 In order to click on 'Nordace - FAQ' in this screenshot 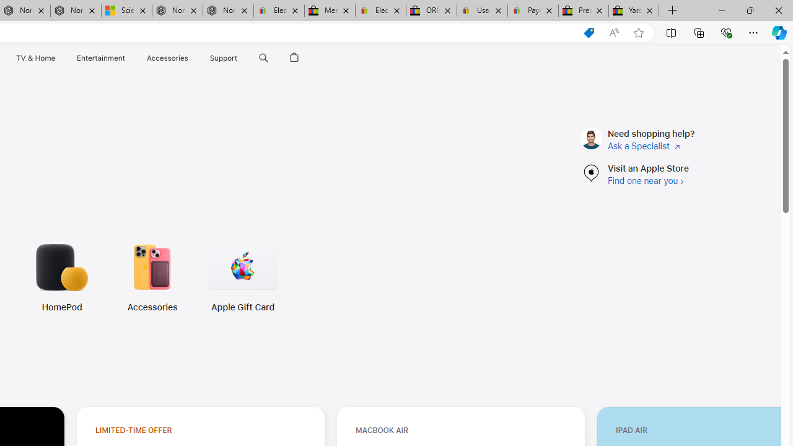, I will do `click(228, 11)`.